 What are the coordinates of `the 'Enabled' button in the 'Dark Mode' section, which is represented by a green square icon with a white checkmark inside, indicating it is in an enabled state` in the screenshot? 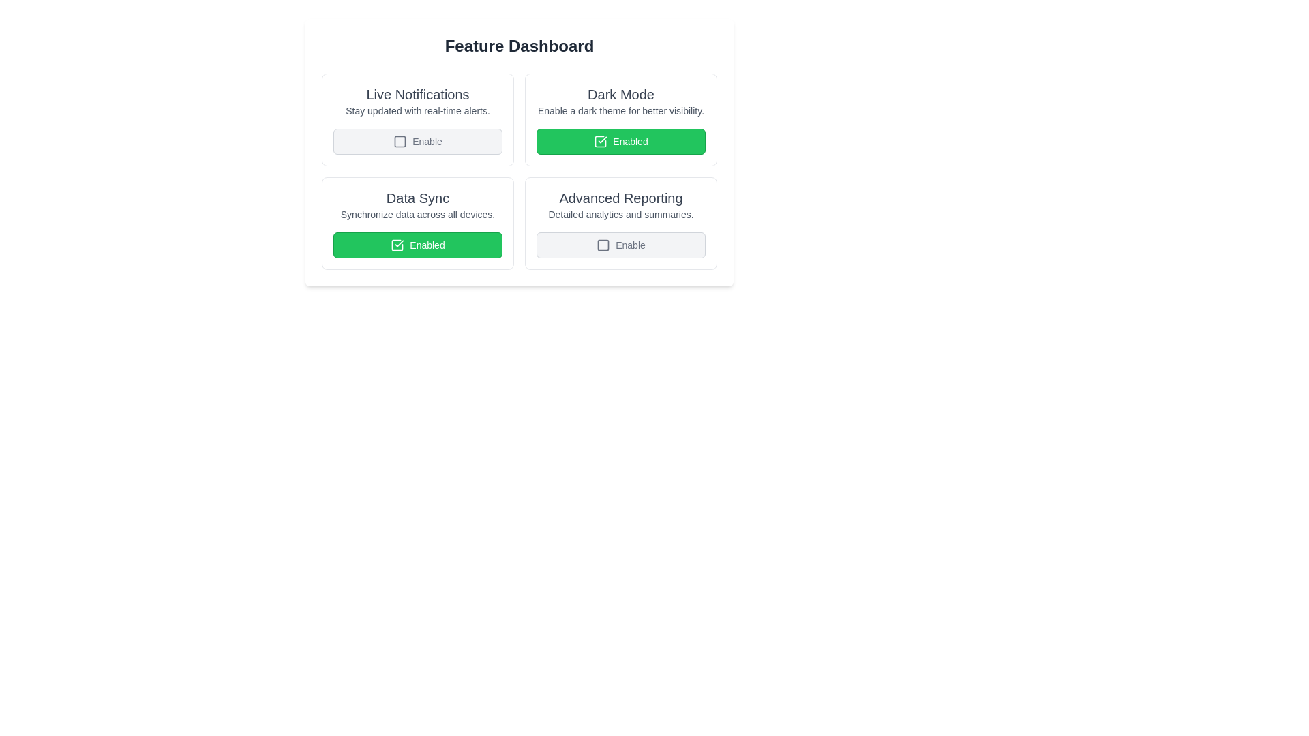 It's located at (600, 142).